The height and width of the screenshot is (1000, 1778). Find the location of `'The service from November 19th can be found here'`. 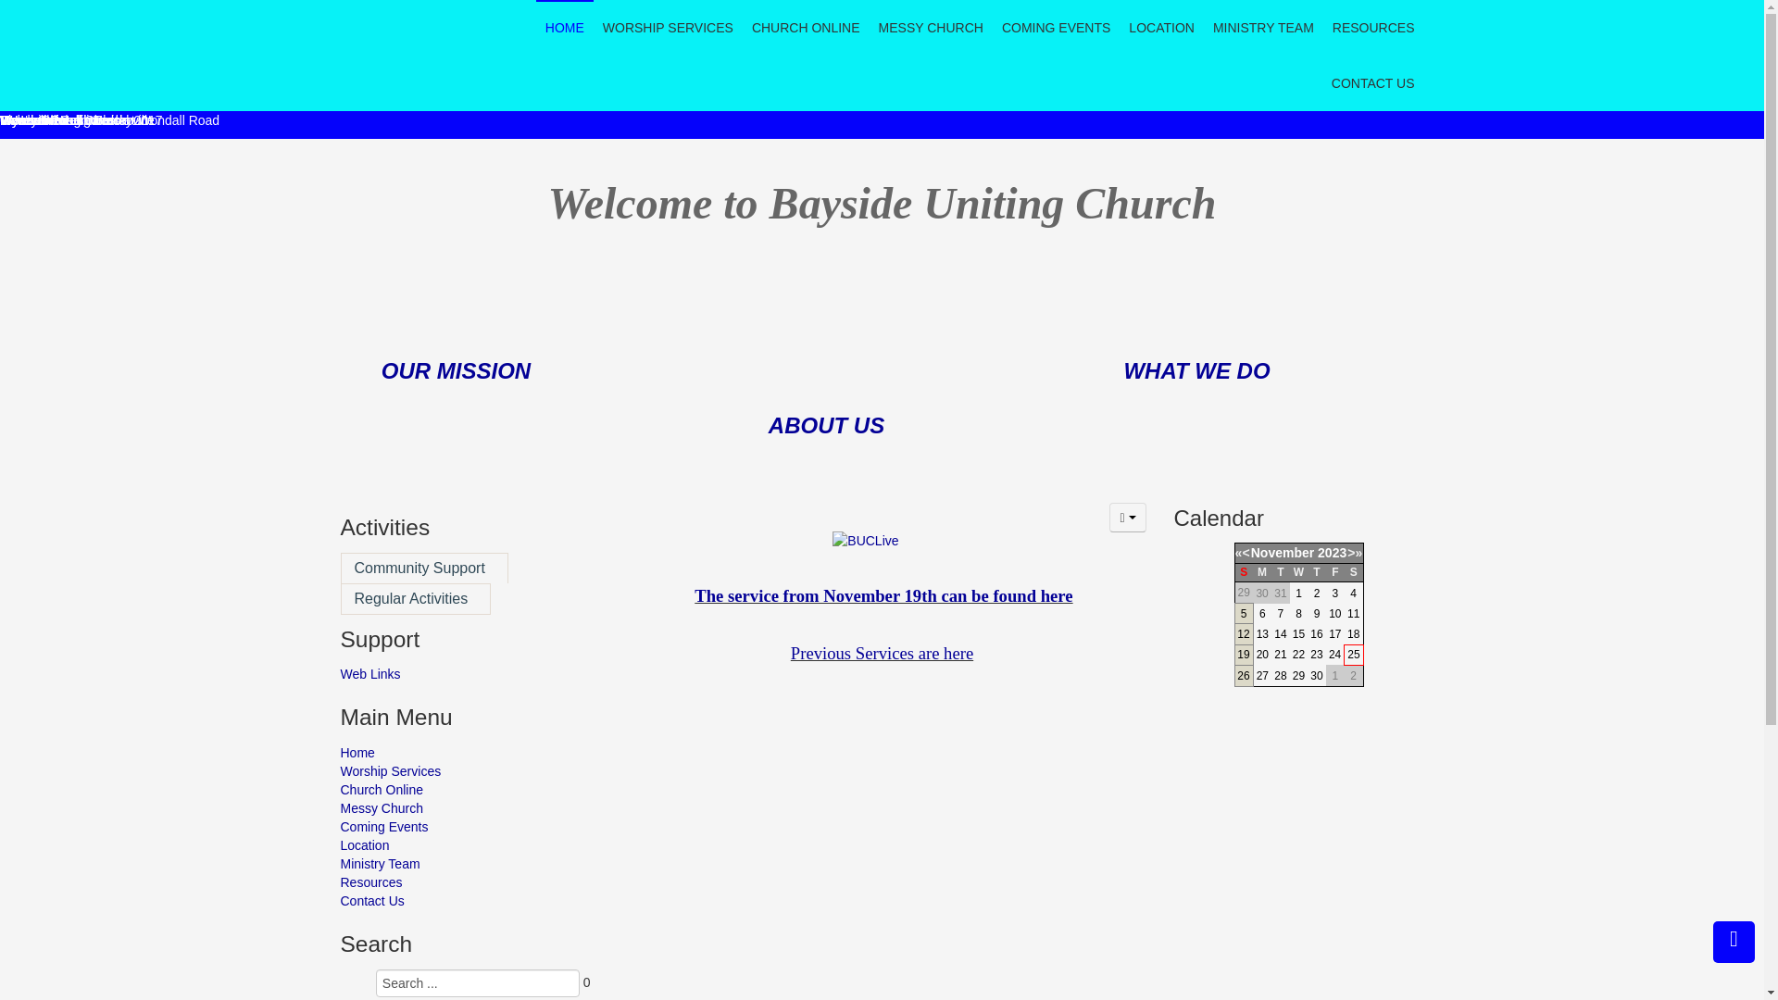

'The service from November 19th can be found here' is located at coordinates (693, 595).